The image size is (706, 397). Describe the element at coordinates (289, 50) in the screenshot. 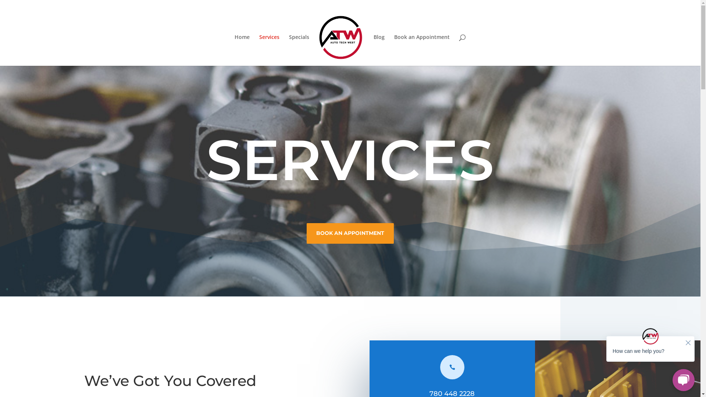

I see `'Specials'` at that location.